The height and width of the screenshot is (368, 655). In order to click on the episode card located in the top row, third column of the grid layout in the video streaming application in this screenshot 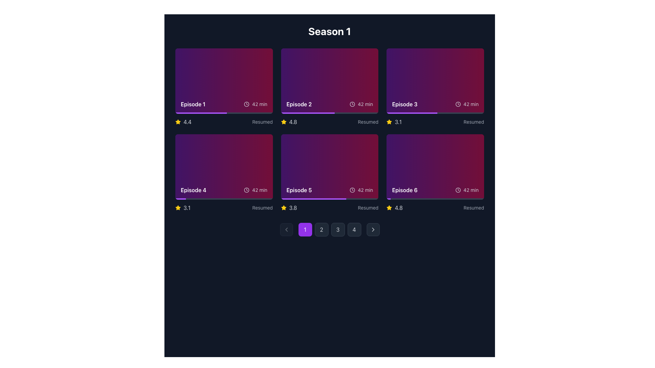, I will do `click(435, 87)`.